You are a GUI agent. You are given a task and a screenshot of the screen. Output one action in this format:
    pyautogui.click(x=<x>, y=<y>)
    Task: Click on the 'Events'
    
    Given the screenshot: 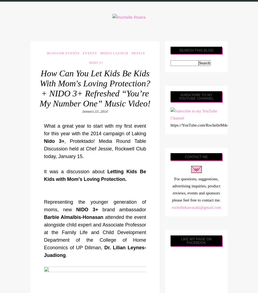 What is the action you would take?
    pyautogui.click(x=89, y=53)
    